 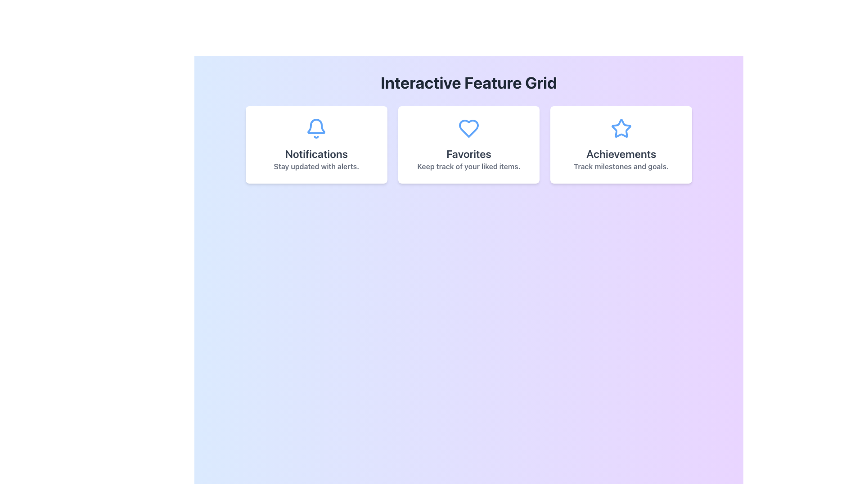 What do you see at coordinates (468, 128) in the screenshot?
I see `or highlight the blue outlined heart icon located within the 'Favorites' card` at bounding box center [468, 128].